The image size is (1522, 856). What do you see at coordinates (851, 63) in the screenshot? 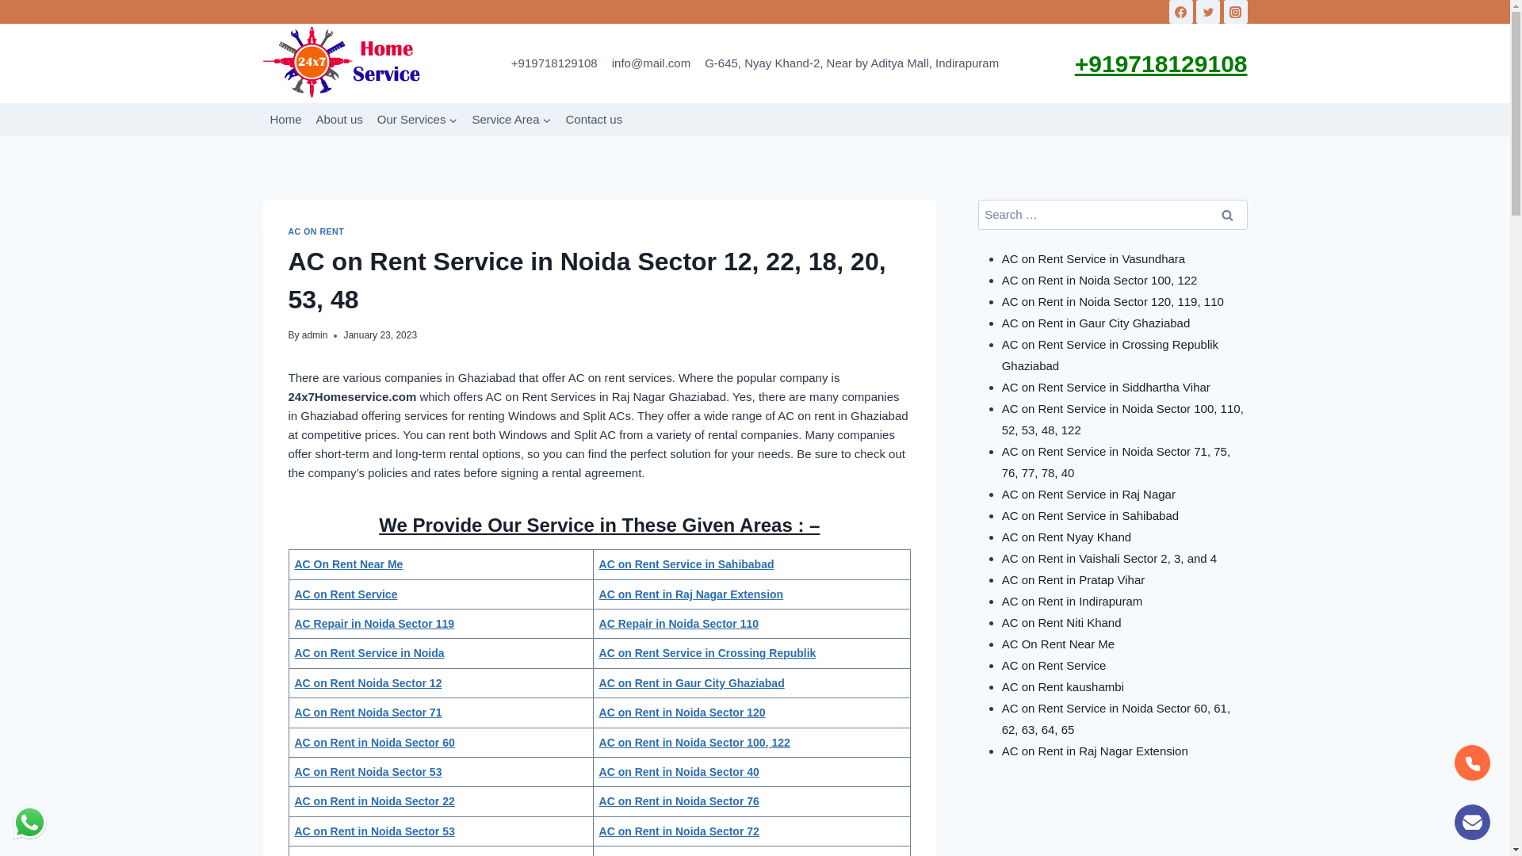
I see `'G-645, Nyay Khand-2, Near by Aditya Mall, Indirapuram'` at bounding box center [851, 63].